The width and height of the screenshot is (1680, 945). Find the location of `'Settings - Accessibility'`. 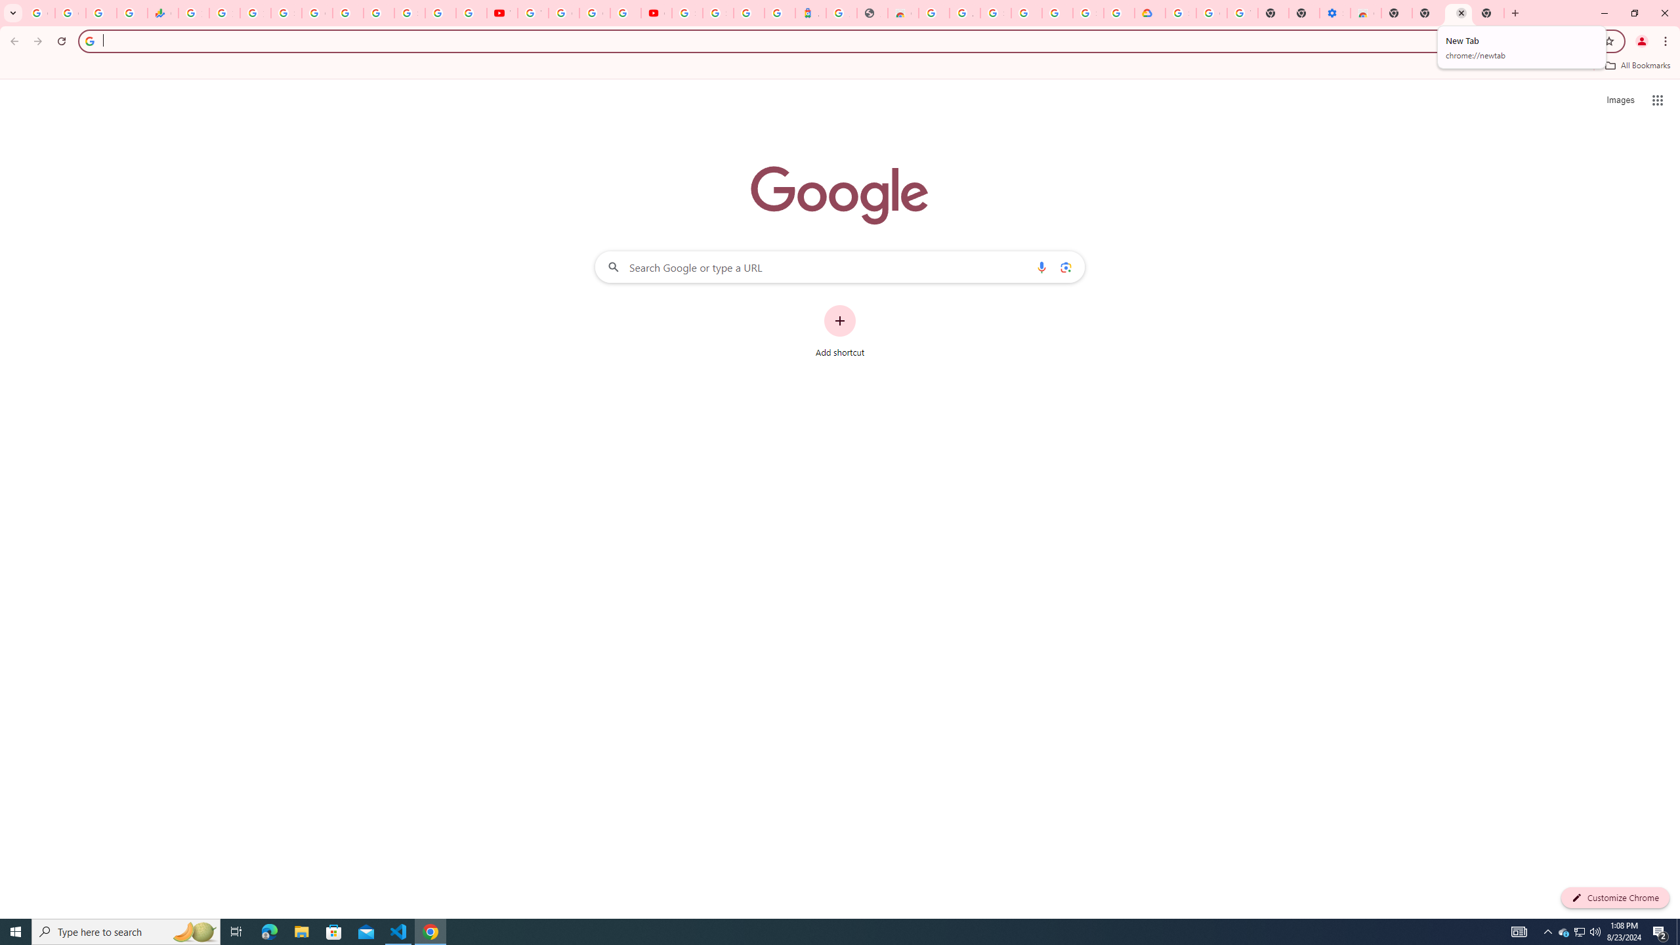

'Settings - Accessibility' is located at coordinates (1334, 12).